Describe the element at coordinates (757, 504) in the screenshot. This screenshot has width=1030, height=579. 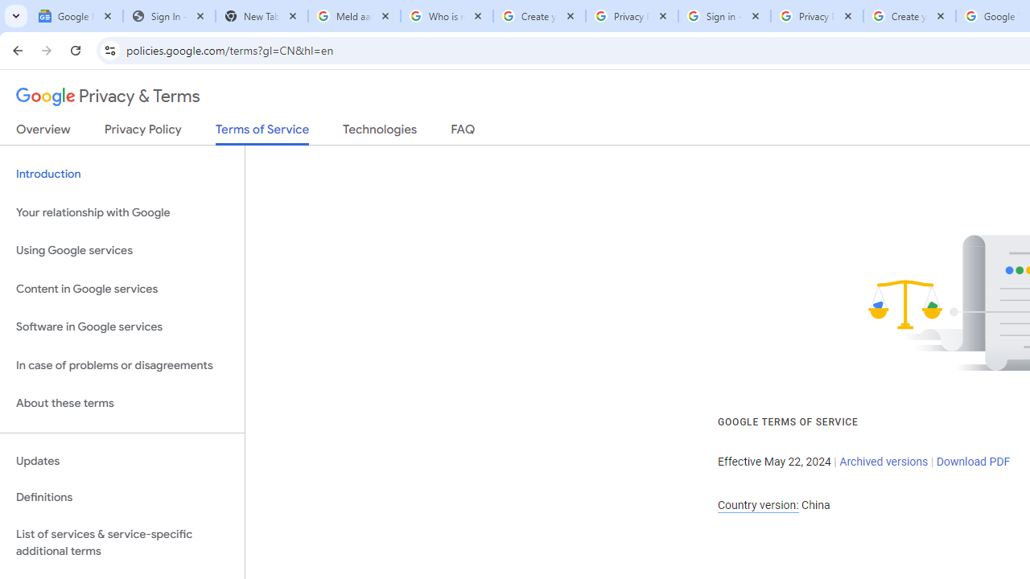
I see `'Country version:'` at that location.